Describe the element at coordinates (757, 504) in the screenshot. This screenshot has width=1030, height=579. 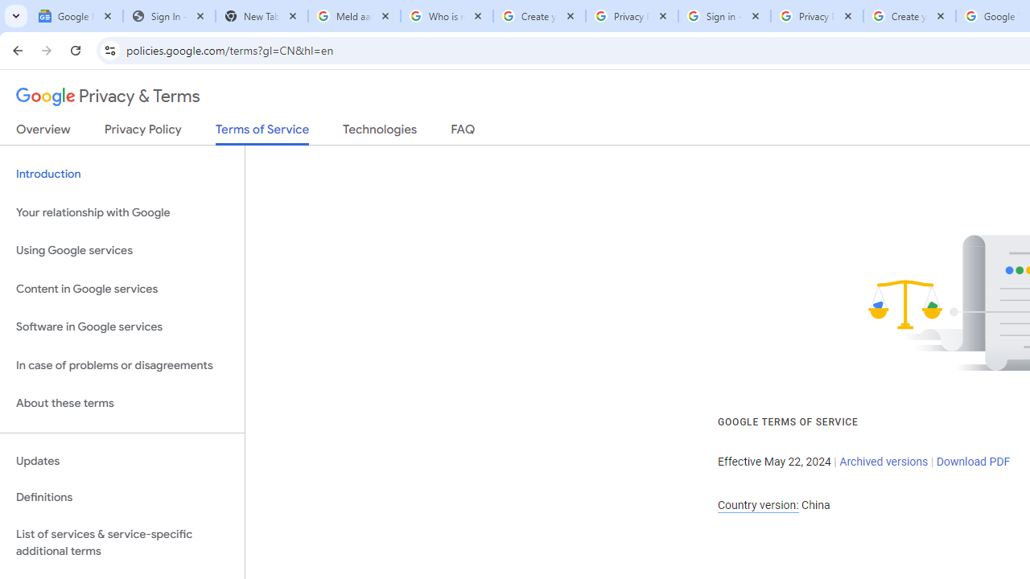
I see `'Country version:'` at that location.